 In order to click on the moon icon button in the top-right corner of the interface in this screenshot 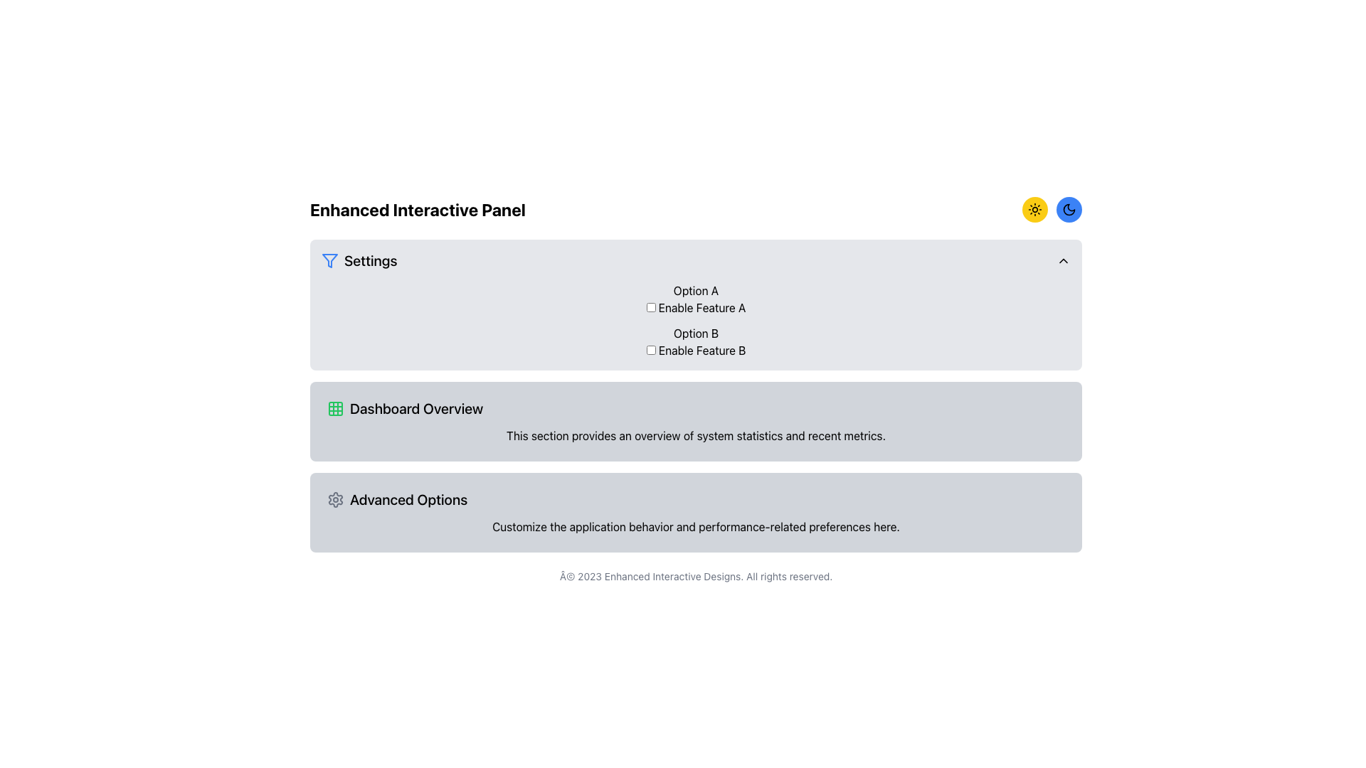, I will do `click(1069, 209)`.